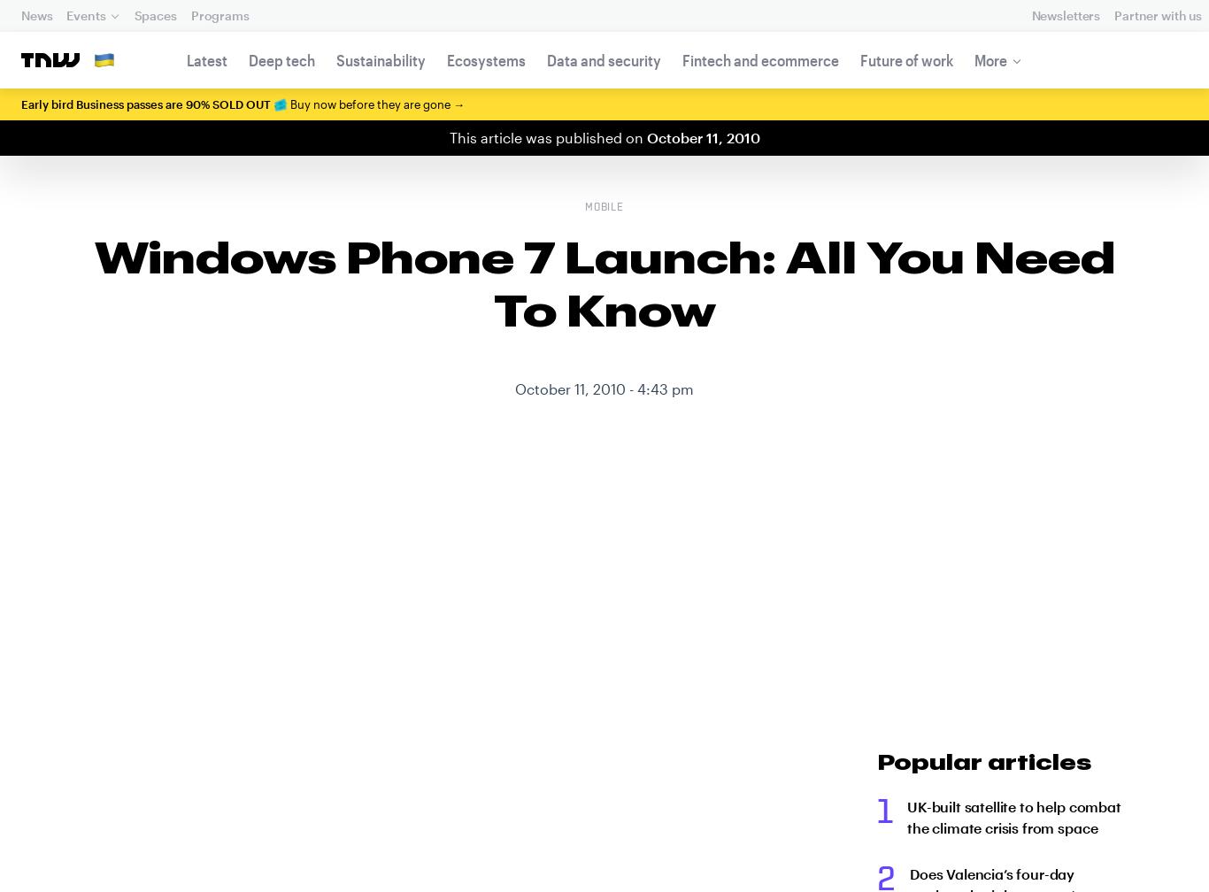 Image resolution: width=1209 pixels, height=892 pixels. What do you see at coordinates (486, 60) in the screenshot?
I see `'Ecosystems'` at bounding box center [486, 60].